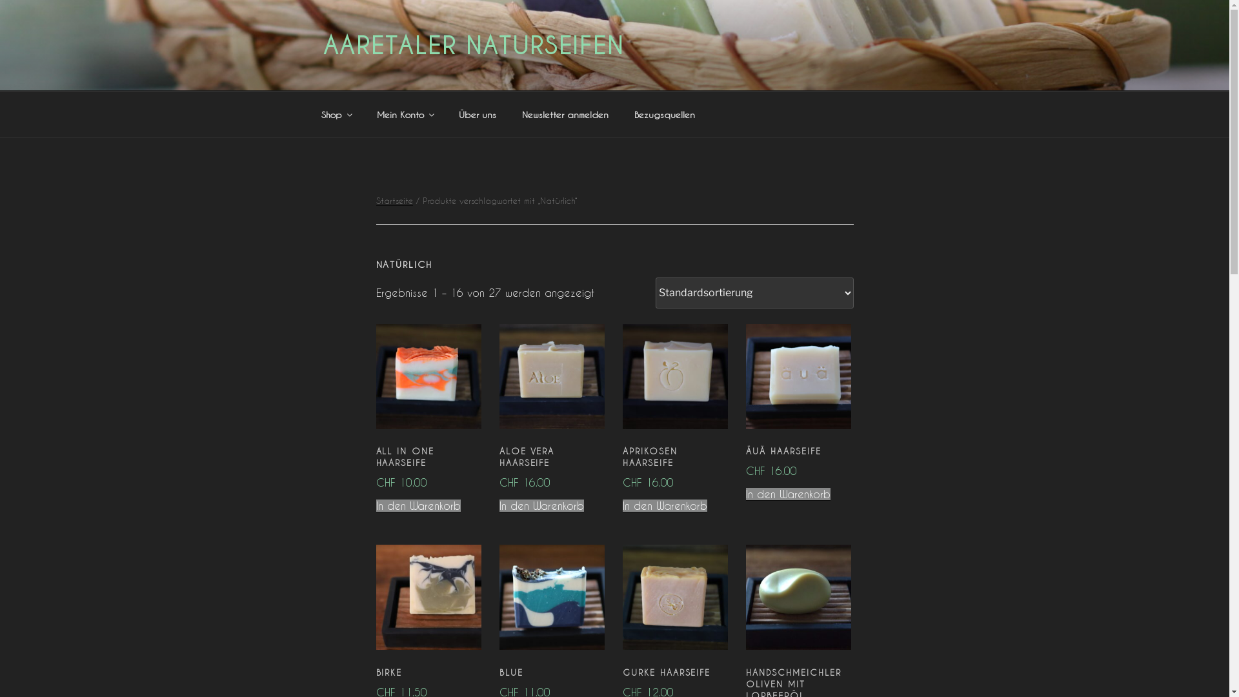  I want to click on 'AARETALER NATURSEIFEN', so click(472, 44).